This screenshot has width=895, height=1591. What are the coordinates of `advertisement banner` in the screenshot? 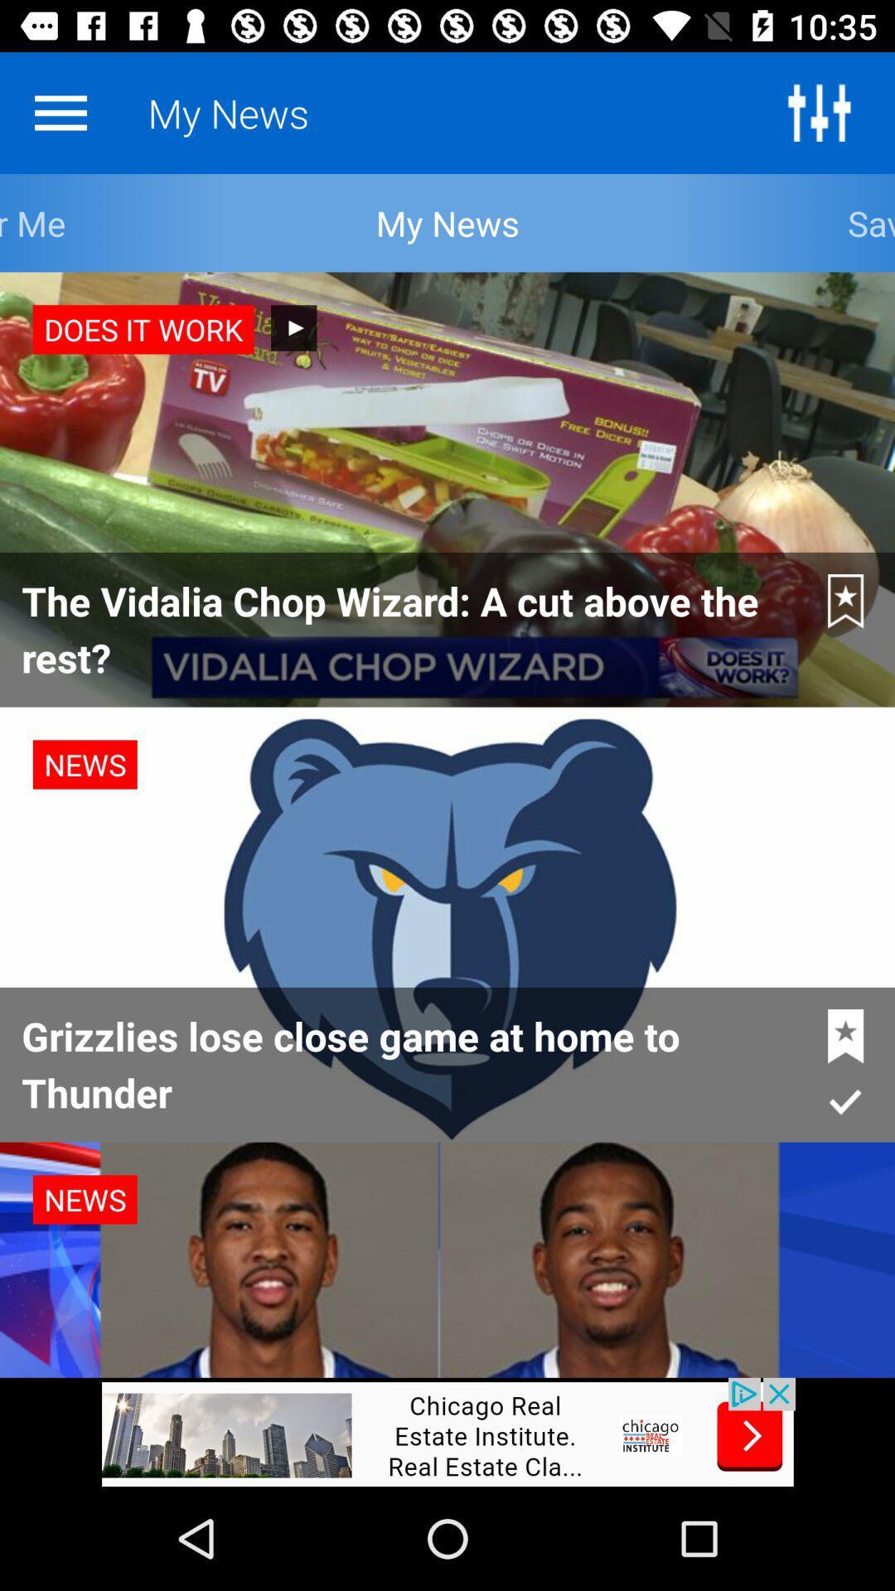 It's located at (447, 1431).